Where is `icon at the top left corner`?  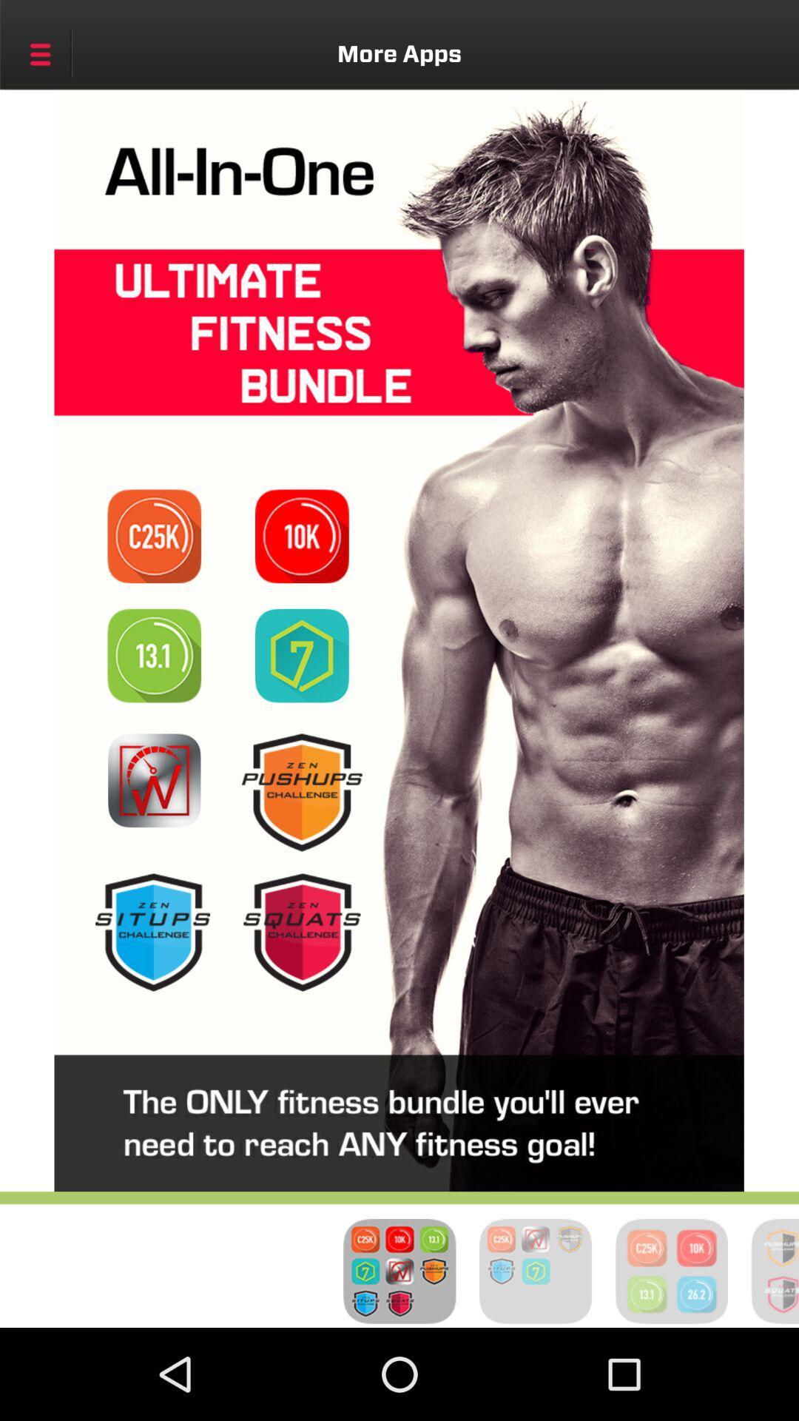
icon at the top left corner is located at coordinates (39, 54).